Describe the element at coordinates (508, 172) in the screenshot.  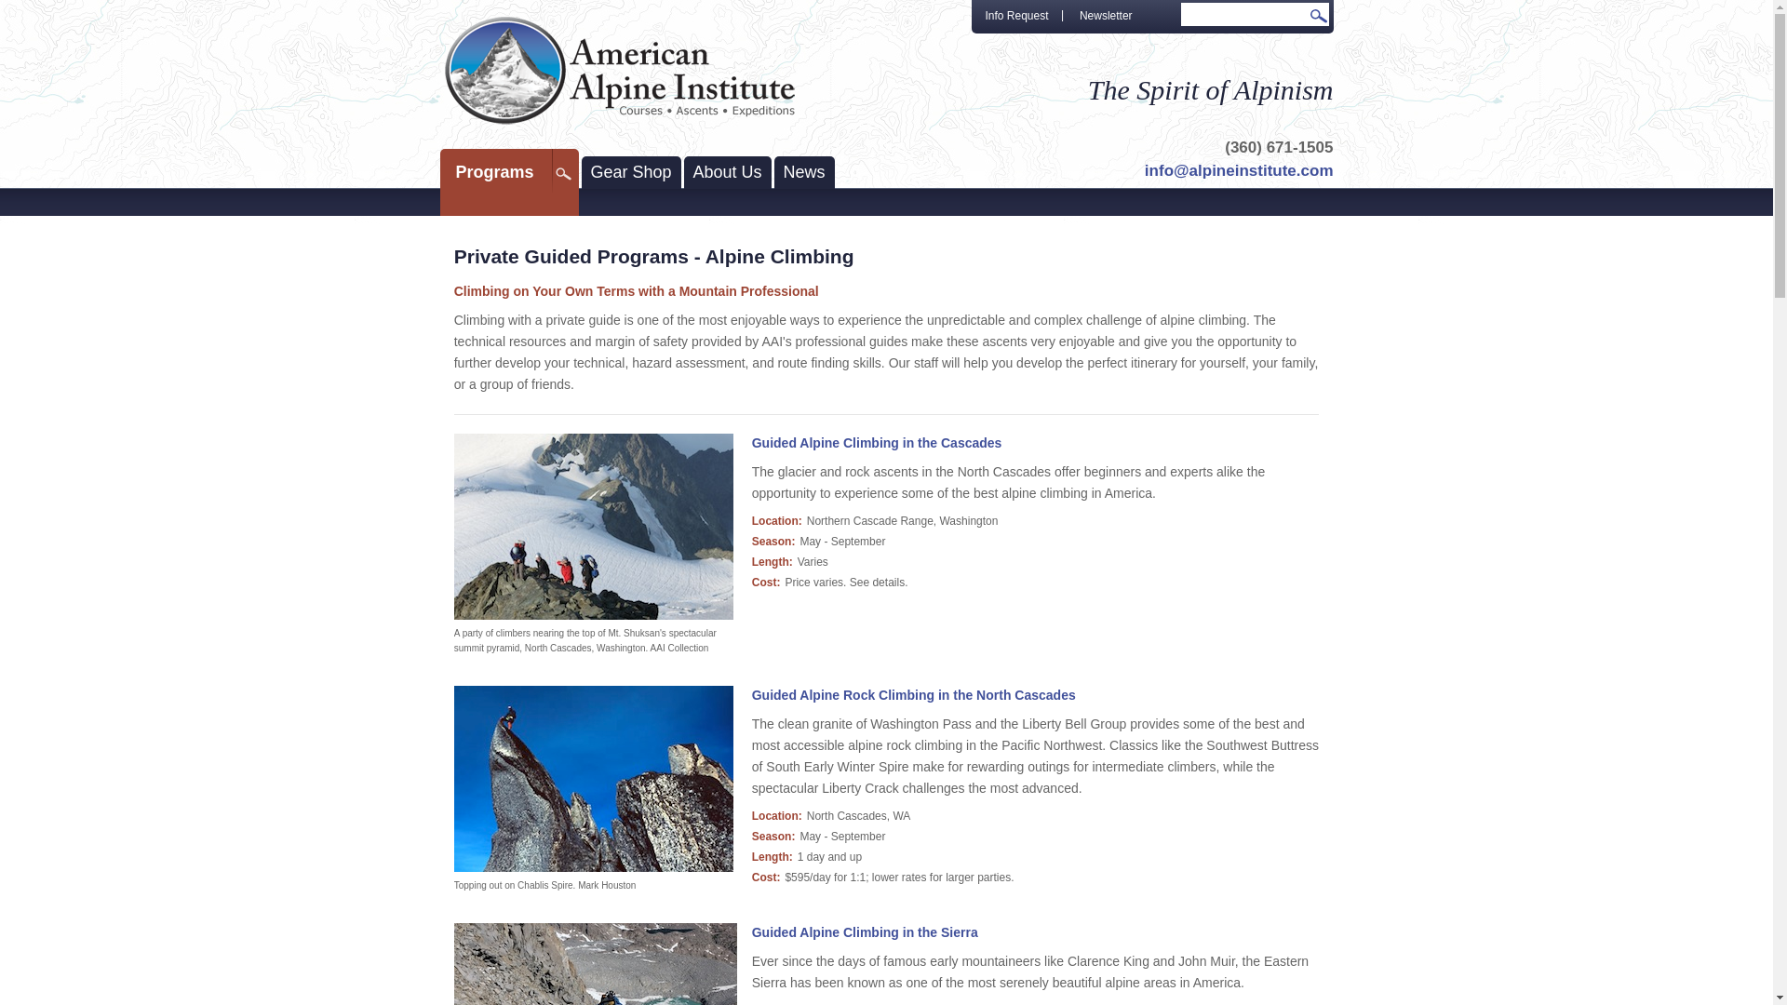
I see `'Programs'` at that location.